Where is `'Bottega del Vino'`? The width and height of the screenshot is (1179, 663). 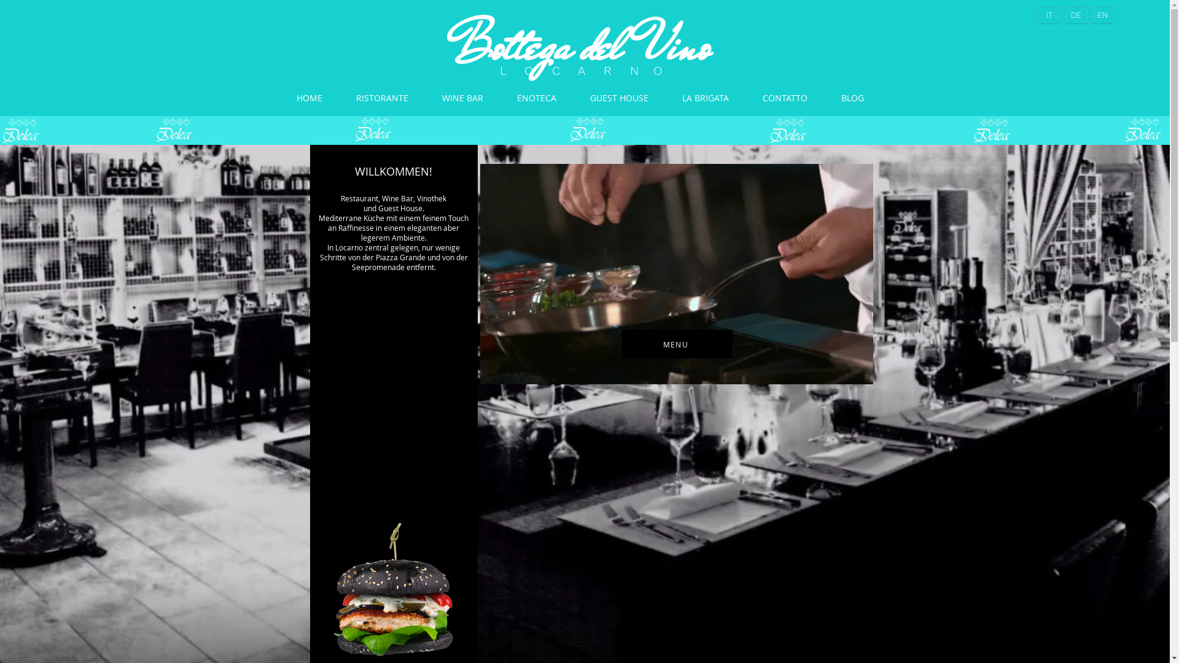
'Bottega del Vino' is located at coordinates (580, 46).